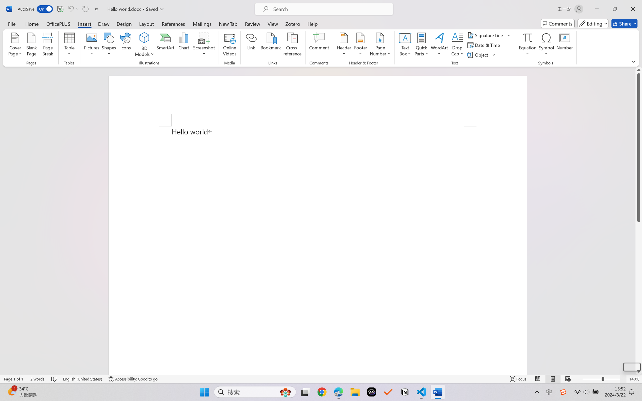 The height and width of the screenshot is (401, 642). Describe the element at coordinates (31, 45) in the screenshot. I see `'Blank Page'` at that location.